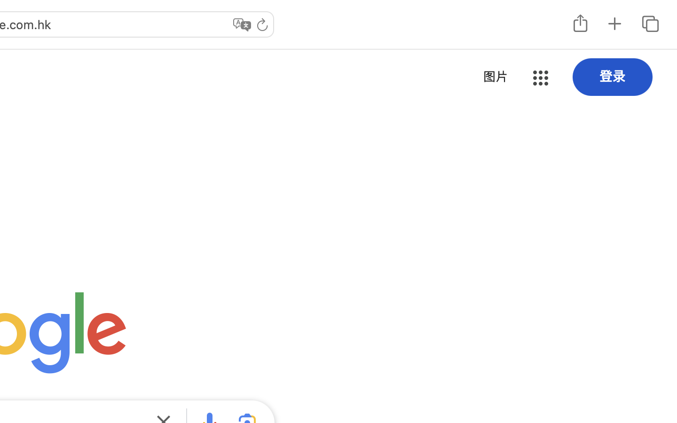  Describe the element at coordinates (613, 76) in the screenshot. I see `'登录'` at that location.